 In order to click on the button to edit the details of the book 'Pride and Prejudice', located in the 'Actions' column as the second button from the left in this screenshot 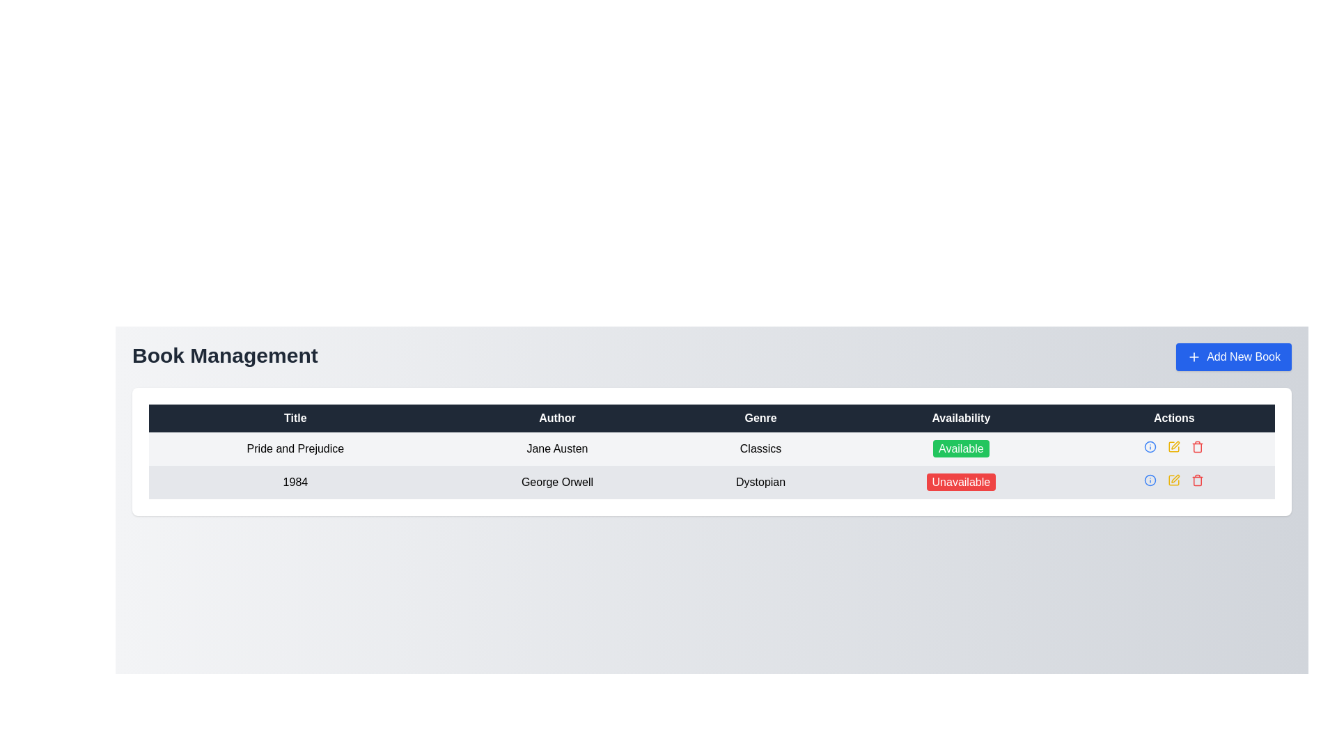, I will do `click(1173, 446)`.